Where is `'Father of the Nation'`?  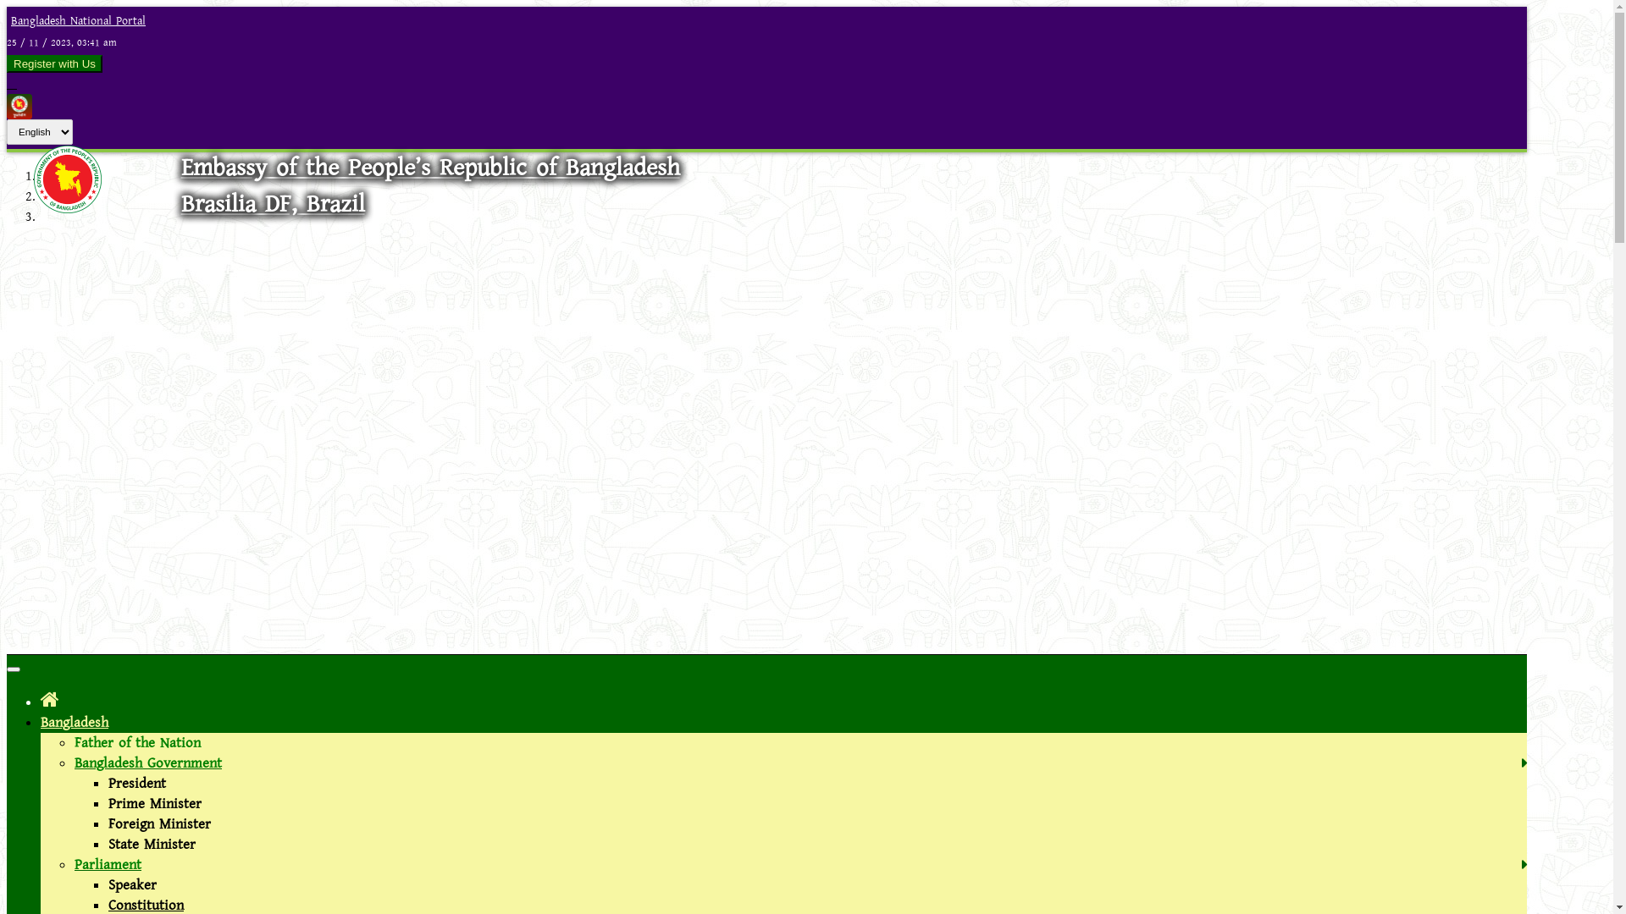
'Father of the Nation' is located at coordinates (137, 742).